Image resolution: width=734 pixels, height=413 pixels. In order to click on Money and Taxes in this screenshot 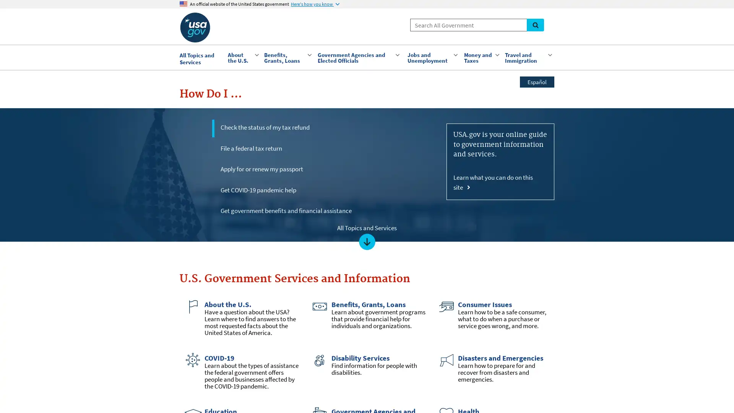, I will do `click(480, 57)`.